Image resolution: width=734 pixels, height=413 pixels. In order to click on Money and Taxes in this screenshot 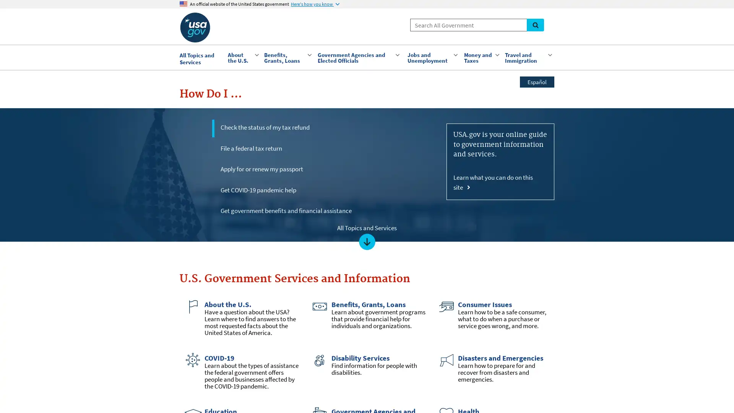, I will do `click(480, 57)`.